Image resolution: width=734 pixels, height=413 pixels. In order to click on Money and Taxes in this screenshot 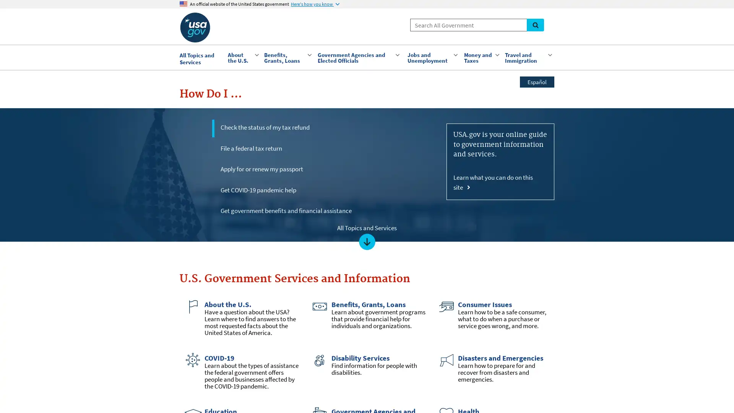, I will do `click(480, 57)`.